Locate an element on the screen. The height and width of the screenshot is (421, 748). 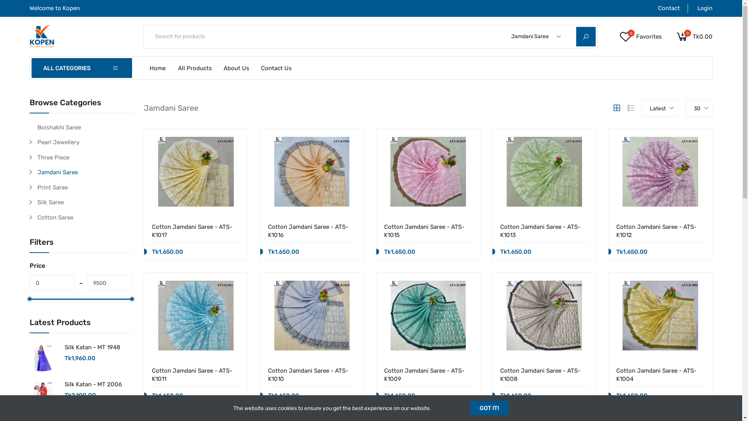
'All Products' is located at coordinates (195, 67).